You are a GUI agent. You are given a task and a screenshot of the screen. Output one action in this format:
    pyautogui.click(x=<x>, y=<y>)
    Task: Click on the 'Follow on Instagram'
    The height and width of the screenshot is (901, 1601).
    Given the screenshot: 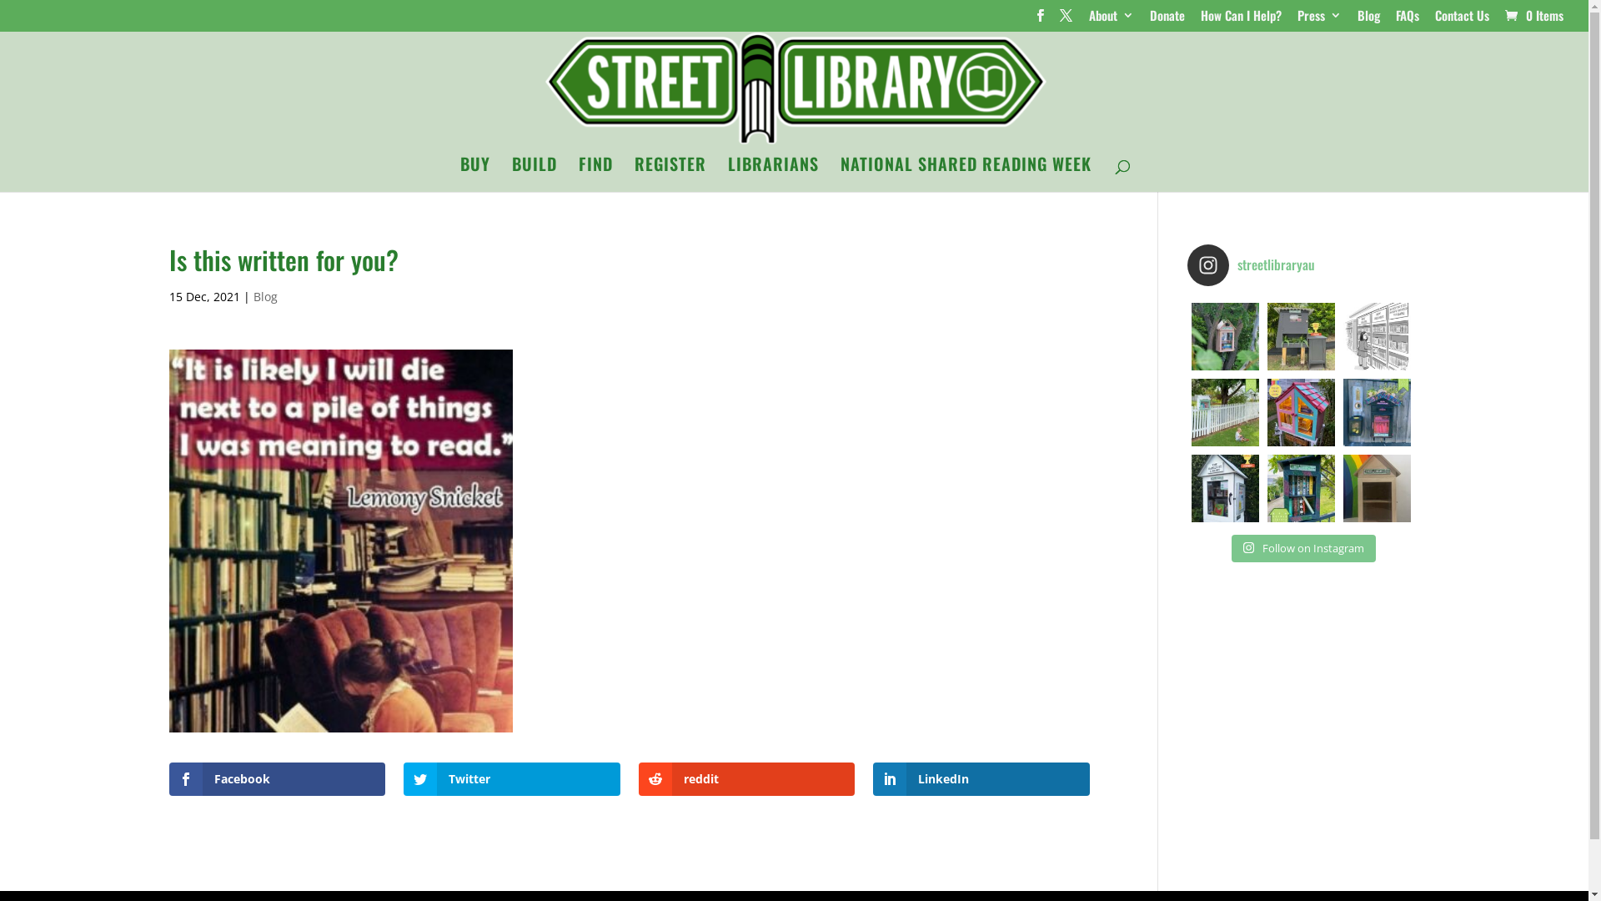 What is the action you would take?
    pyautogui.click(x=1302, y=549)
    